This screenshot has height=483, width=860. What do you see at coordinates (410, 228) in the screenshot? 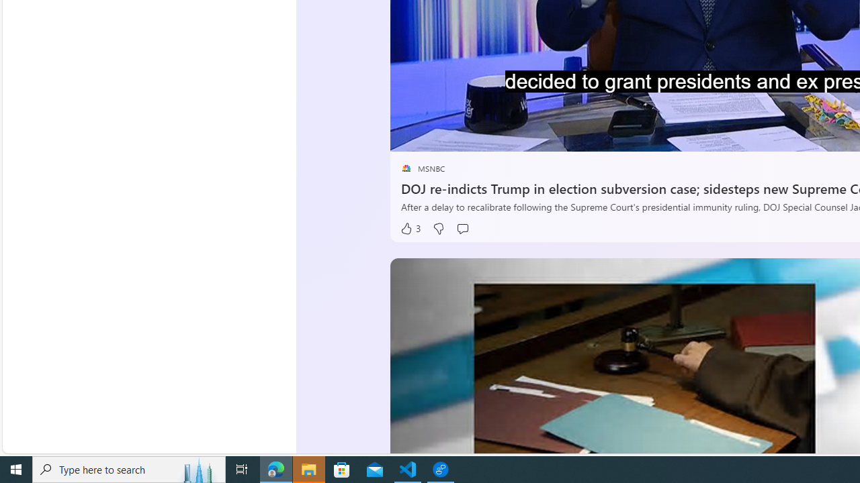
I see `'3 Like'` at bounding box center [410, 228].